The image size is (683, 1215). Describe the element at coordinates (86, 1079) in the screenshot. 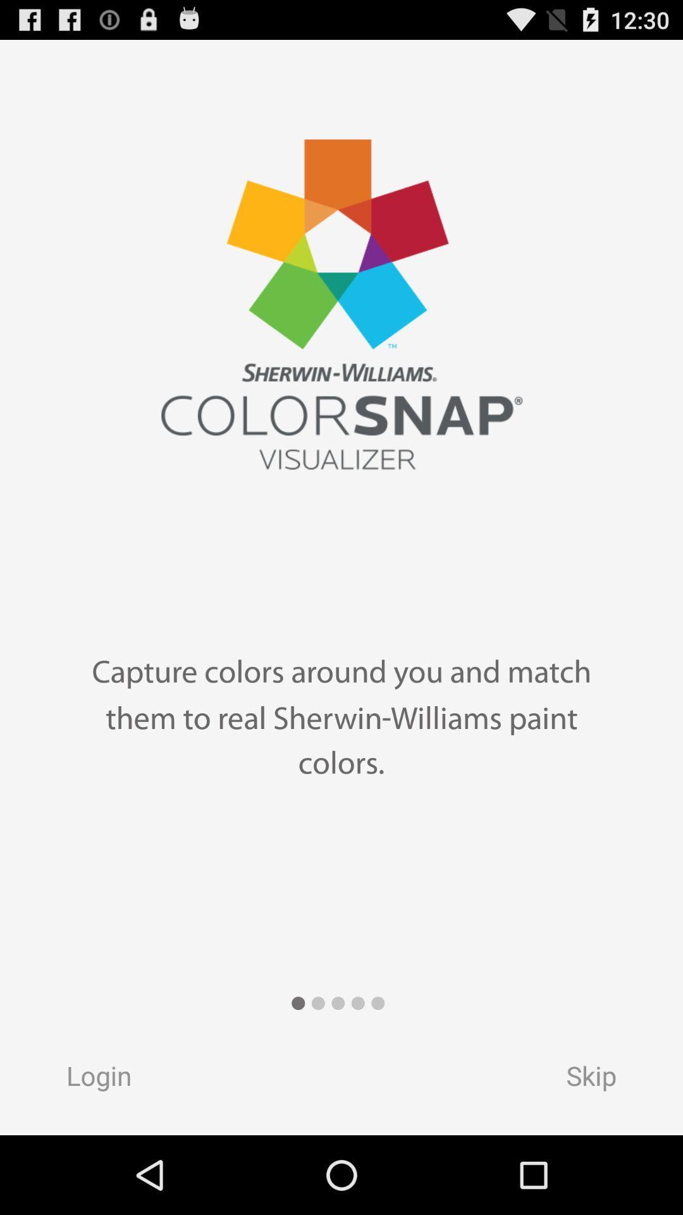

I see `login icon` at that location.